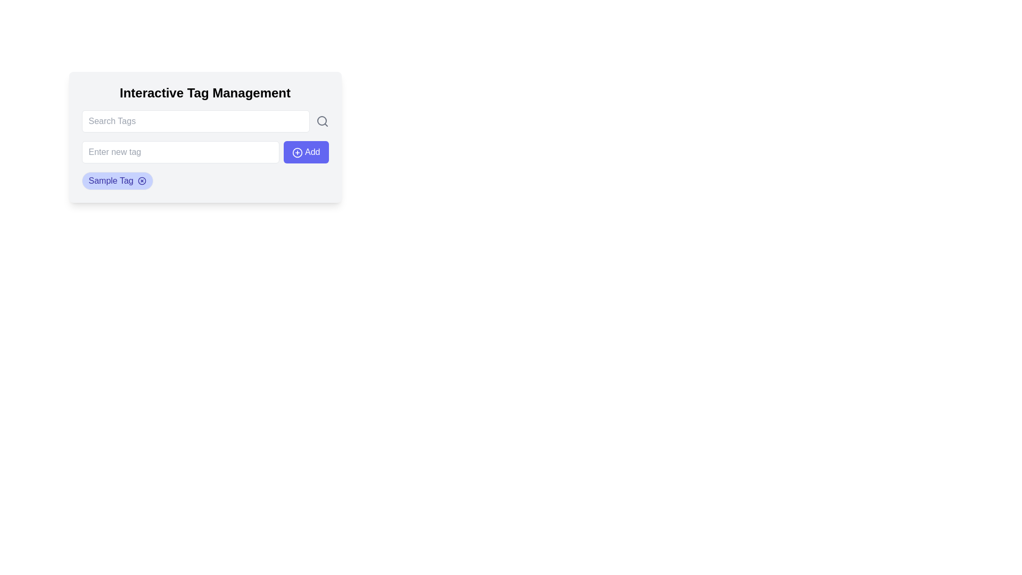 The image size is (1022, 575). What do you see at coordinates (321, 120) in the screenshot?
I see `the circle element that represents the magnifying glass icon, which is located near the center of the search icon adjacent to the 'Search Tags' input field` at bounding box center [321, 120].